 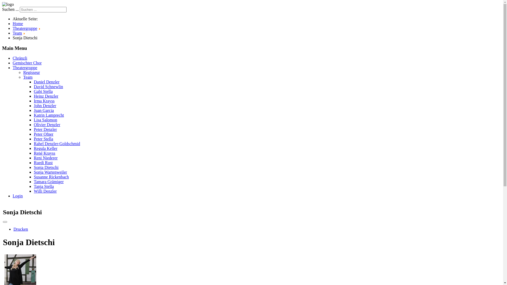 I want to click on 'Susanne Rickenbach', so click(x=51, y=177).